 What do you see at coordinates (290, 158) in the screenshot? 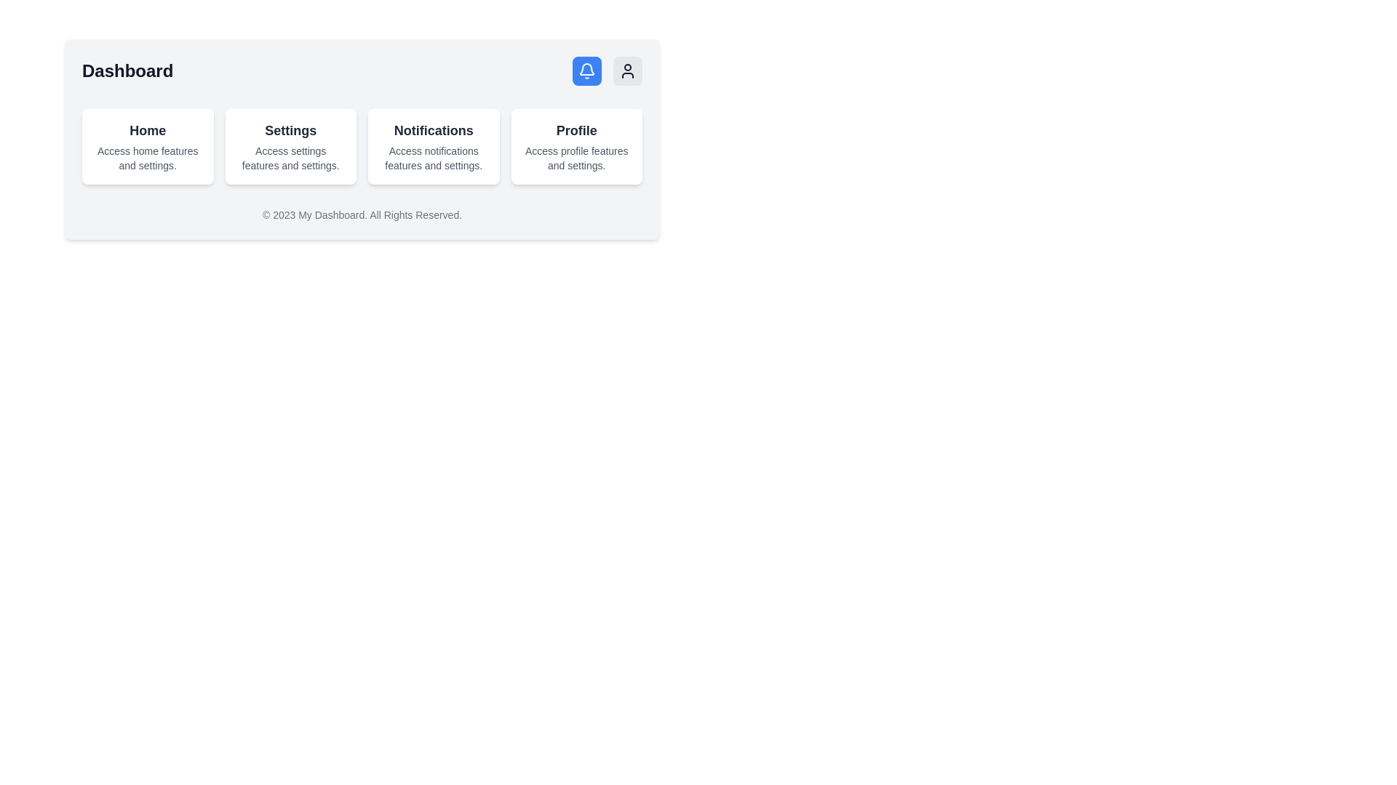
I see `the text element that reads 'Access settings features and settings.' which is styled with a smaller font and muted gray color, located directly beneath the title 'Settings' in the central column of a four-column grid layout` at bounding box center [290, 158].